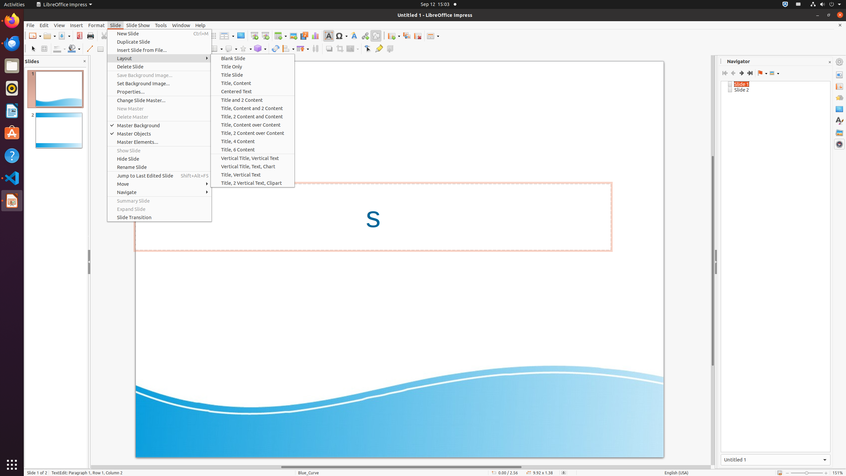  Describe the element at coordinates (252, 175) in the screenshot. I see `'Title, Vertical Text'` at that location.